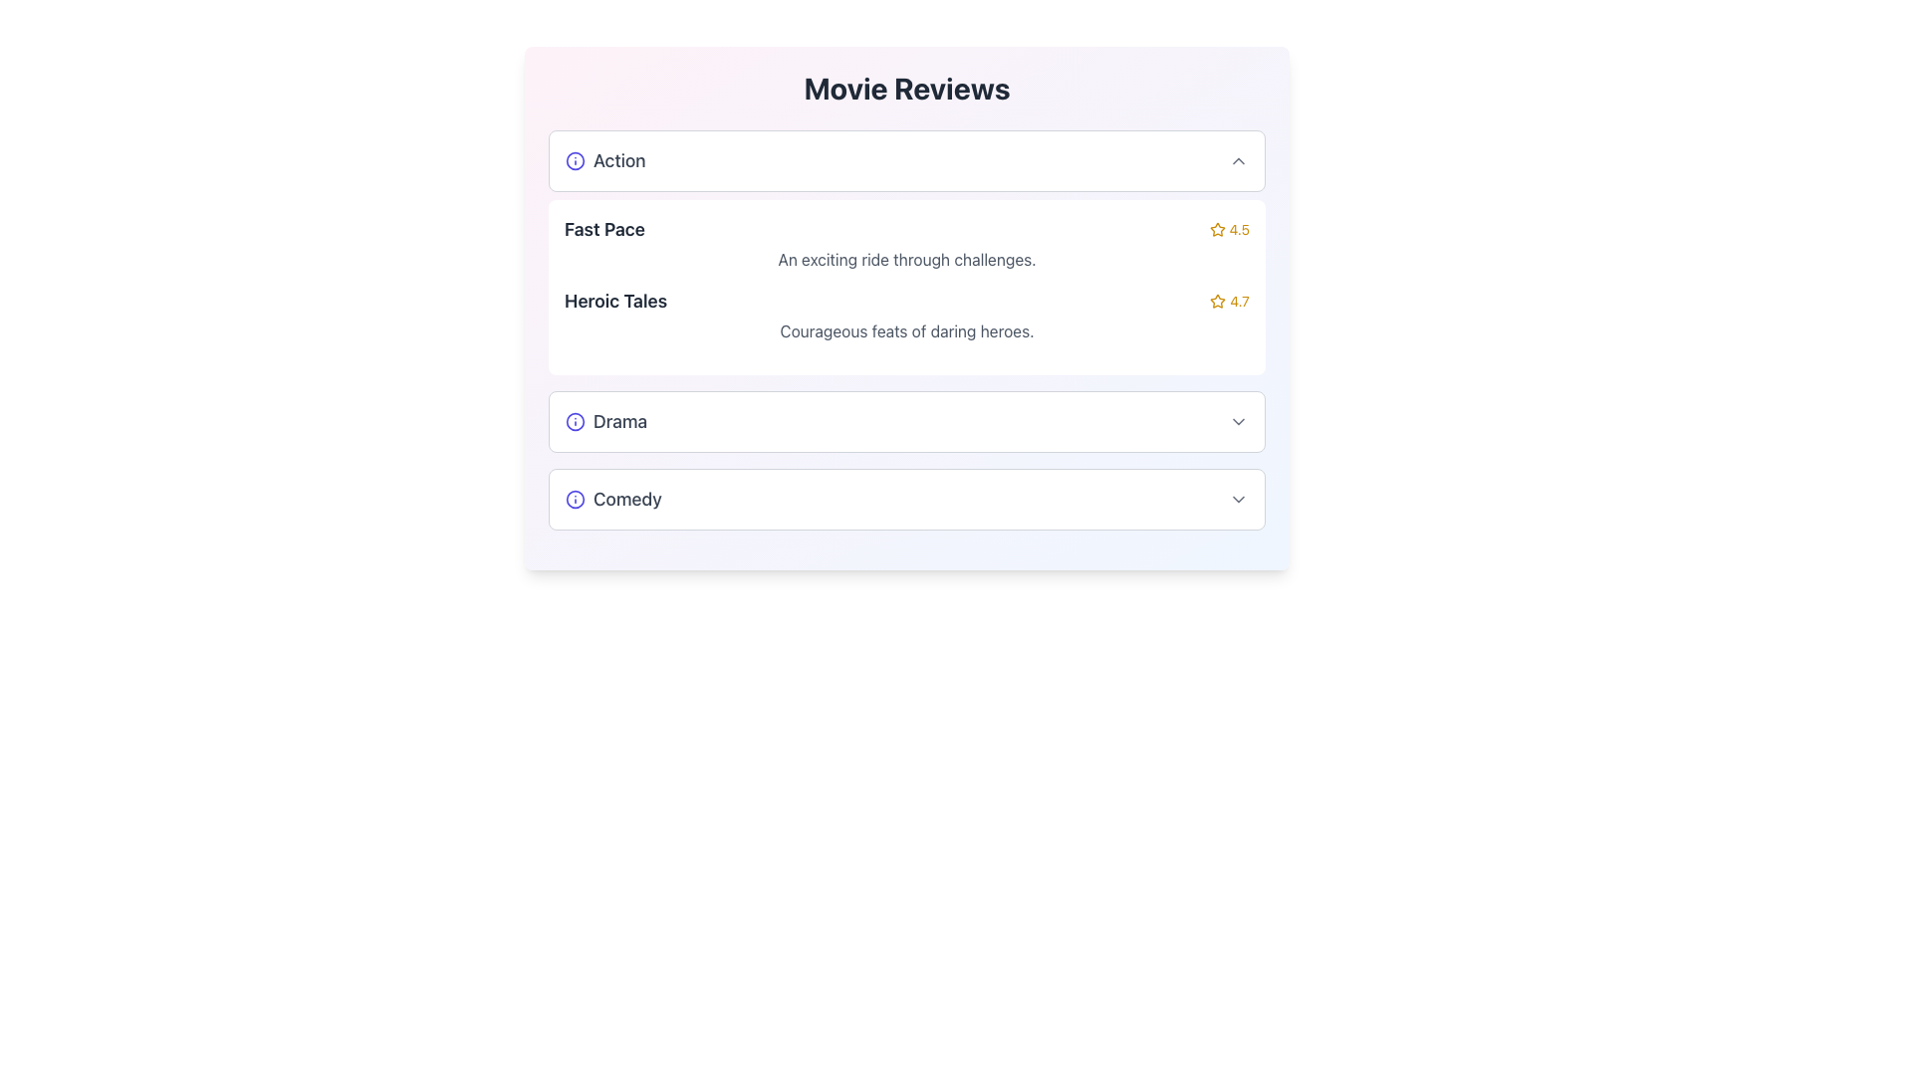  Describe the element at coordinates (906, 329) in the screenshot. I see `text 'Courageous feats of daring heroes.' located in the 'Heroic Tales' section of the 'Movie Reviews' interface, positioned below the title 'Heroic Tales.'` at that location.